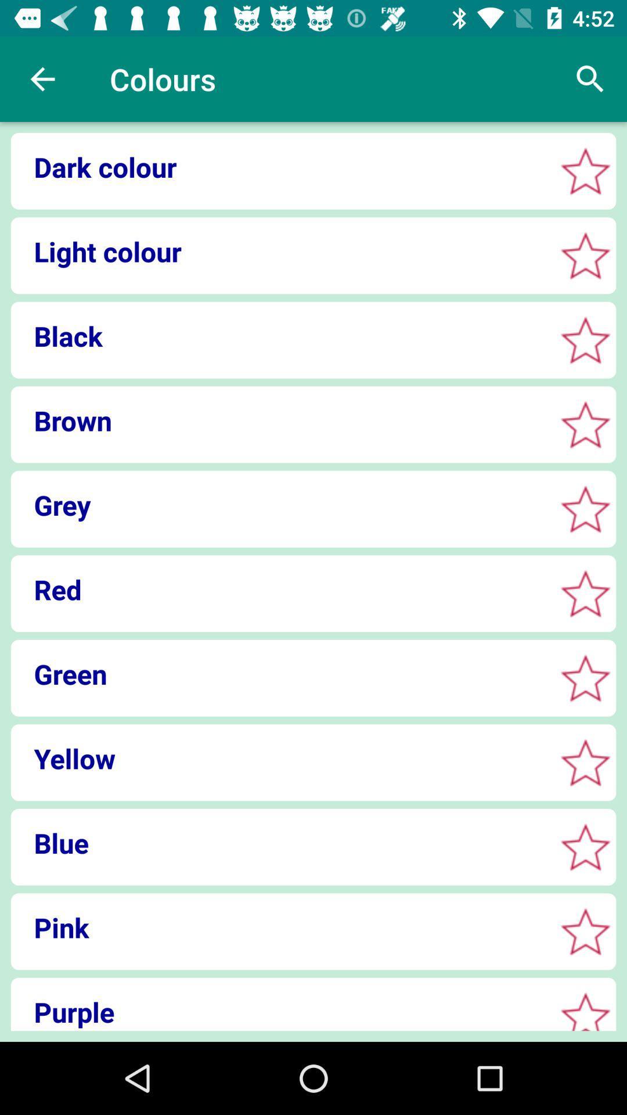 This screenshot has width=627, height=1115. What do you see at coordinates (585, 1013) in the screenshot?
I see `review star button purple` at bounding box center [585, 1013].